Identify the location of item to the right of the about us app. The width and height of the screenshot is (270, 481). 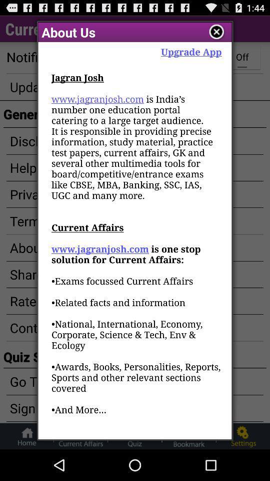
(191, 52).